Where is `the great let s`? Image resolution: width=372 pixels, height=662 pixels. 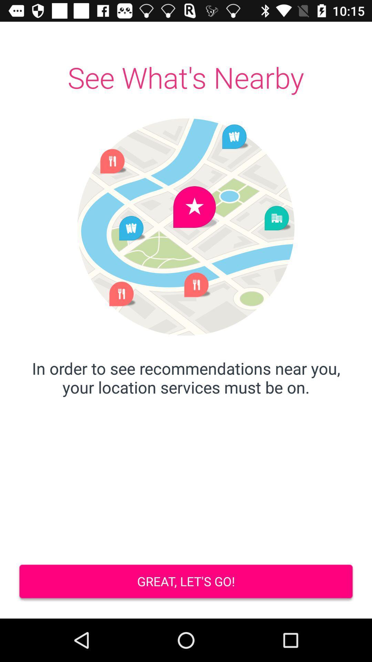 the great let s is located at coordinates (186, 582).